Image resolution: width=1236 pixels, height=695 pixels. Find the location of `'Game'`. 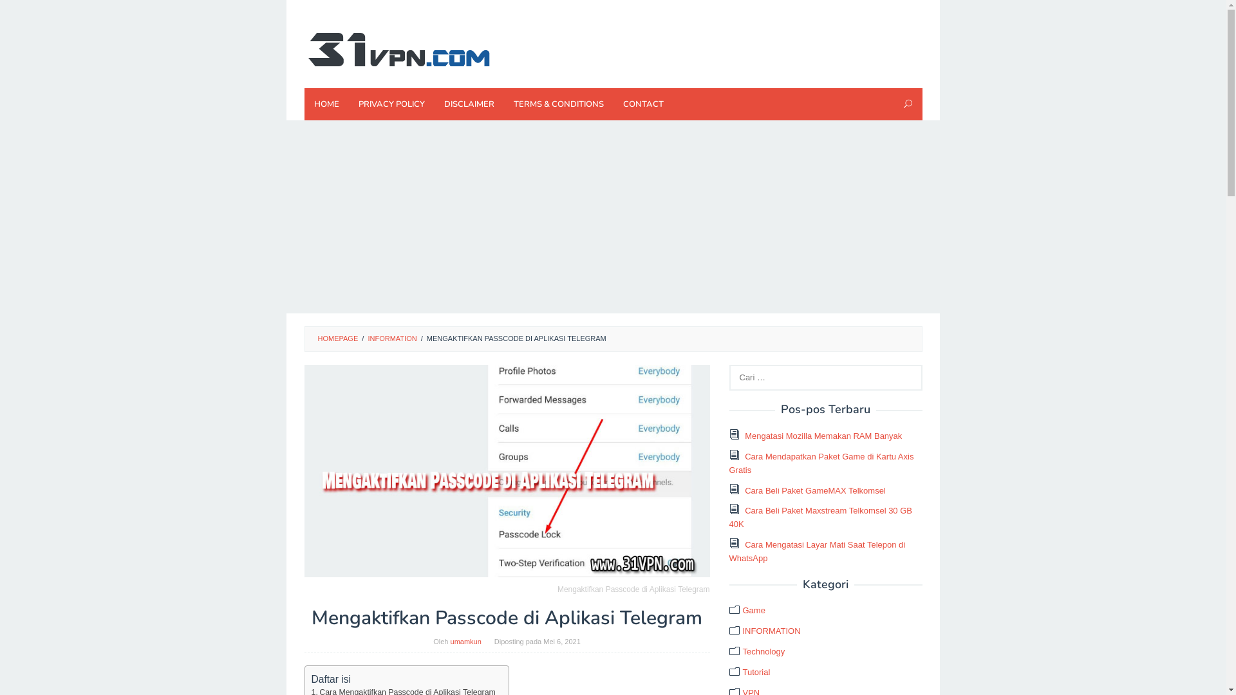

'Game' is located at coordinates (754, 609).